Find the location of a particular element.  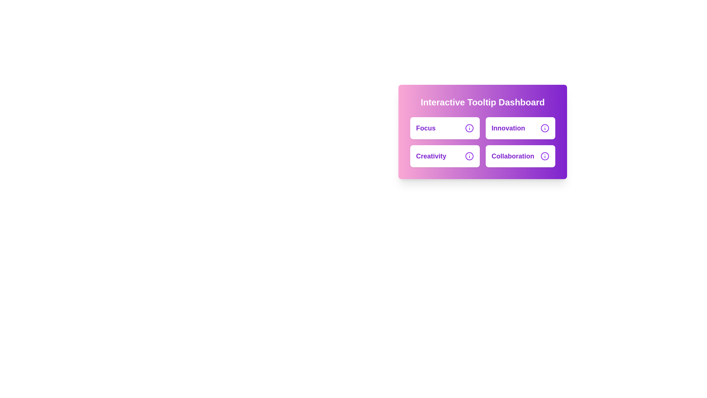

the 'Collaboration' text in the bottom-right corner of the 2x2 grid layout within the 'Interactive Tooltip Dashboard' is located at coordinates (520, 156).